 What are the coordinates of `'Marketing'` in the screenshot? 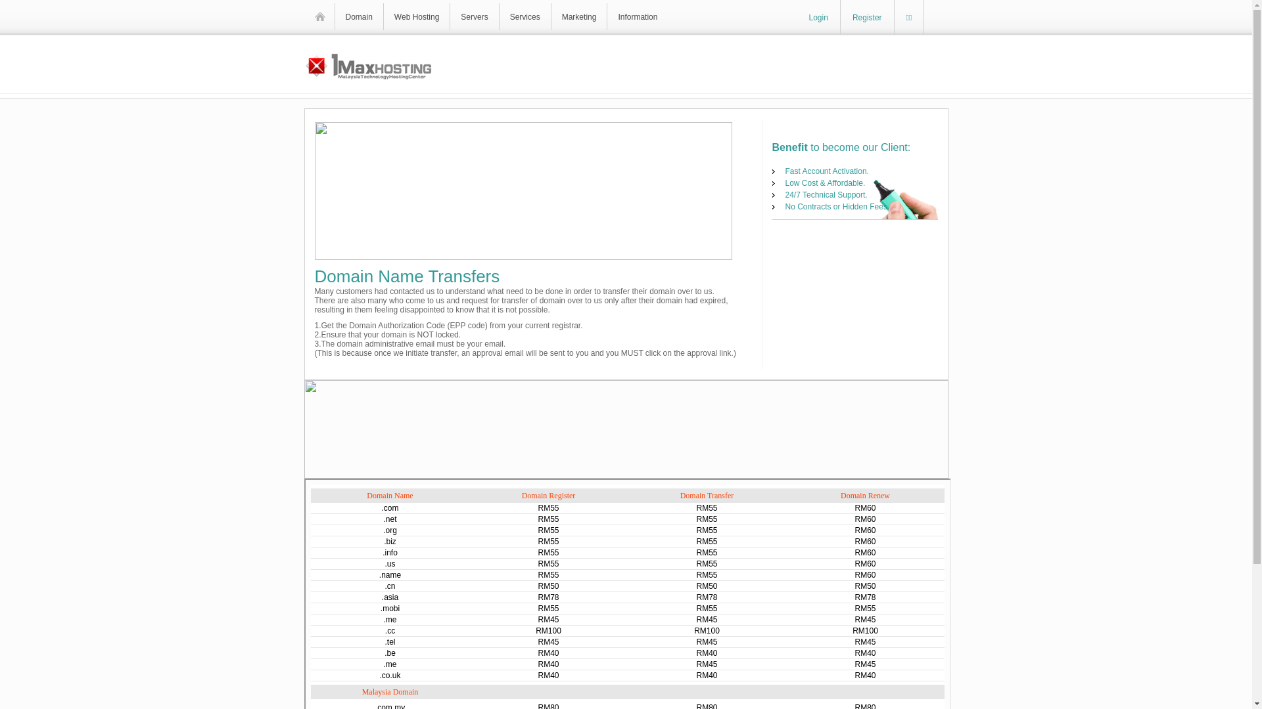 It's located at (578, 16).